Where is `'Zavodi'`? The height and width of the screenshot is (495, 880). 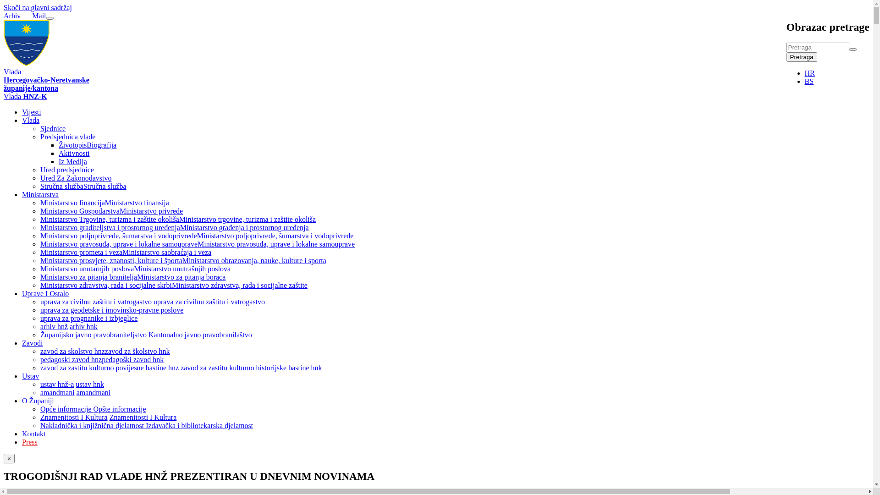 'Zavodi' is located at coordinates (32, 343).